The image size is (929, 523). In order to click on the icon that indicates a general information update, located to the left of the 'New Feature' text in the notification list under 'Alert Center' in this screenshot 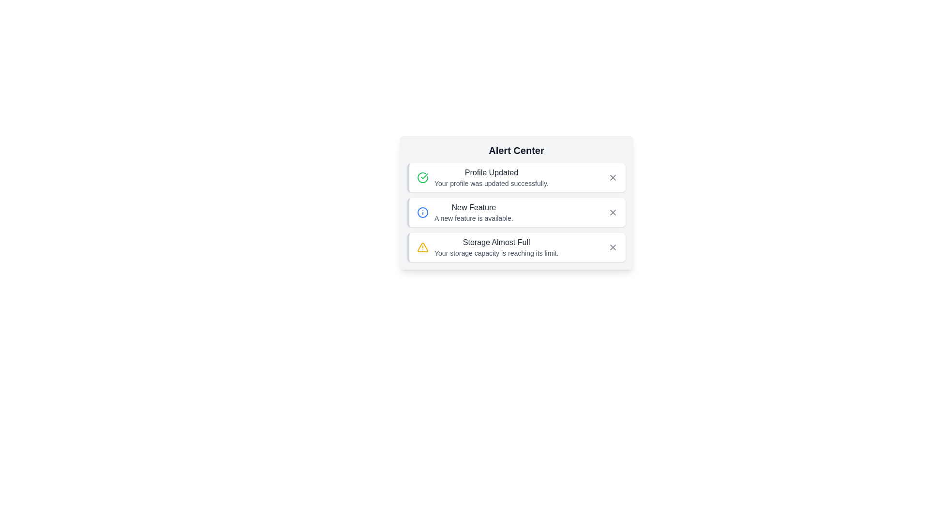, I will do `click(422, 212)`.